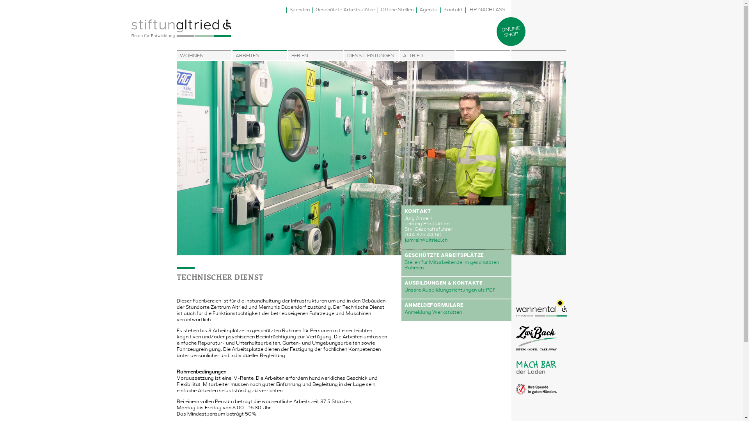  What do you see at coordinates (397, 10) in the screenshot?
I see `'Offene Stellen'` at bounding box center [397, 10].